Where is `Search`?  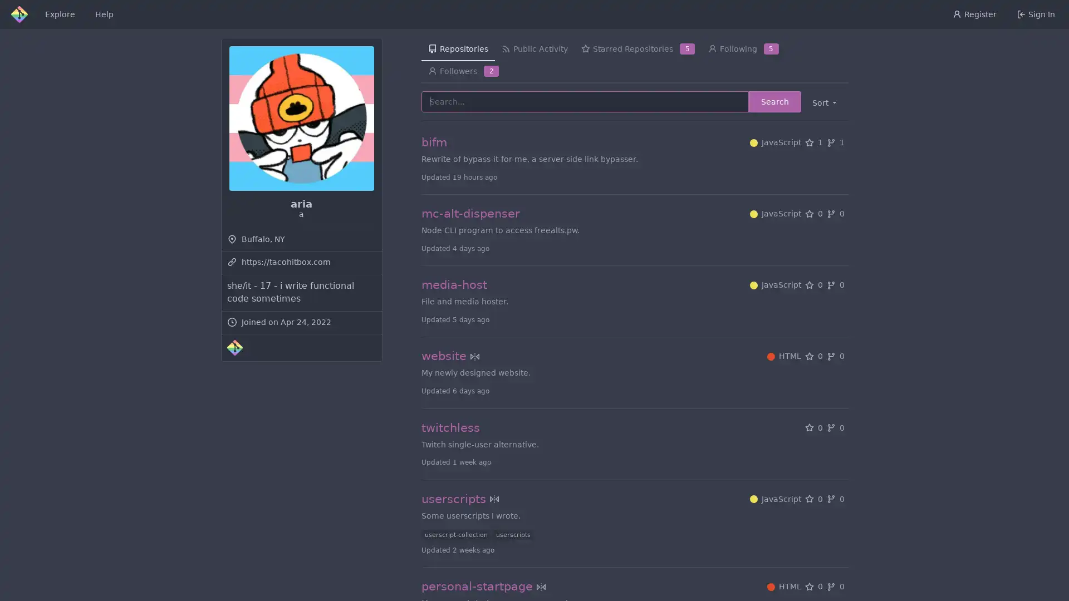 Search is located at coordinates (774, 101).